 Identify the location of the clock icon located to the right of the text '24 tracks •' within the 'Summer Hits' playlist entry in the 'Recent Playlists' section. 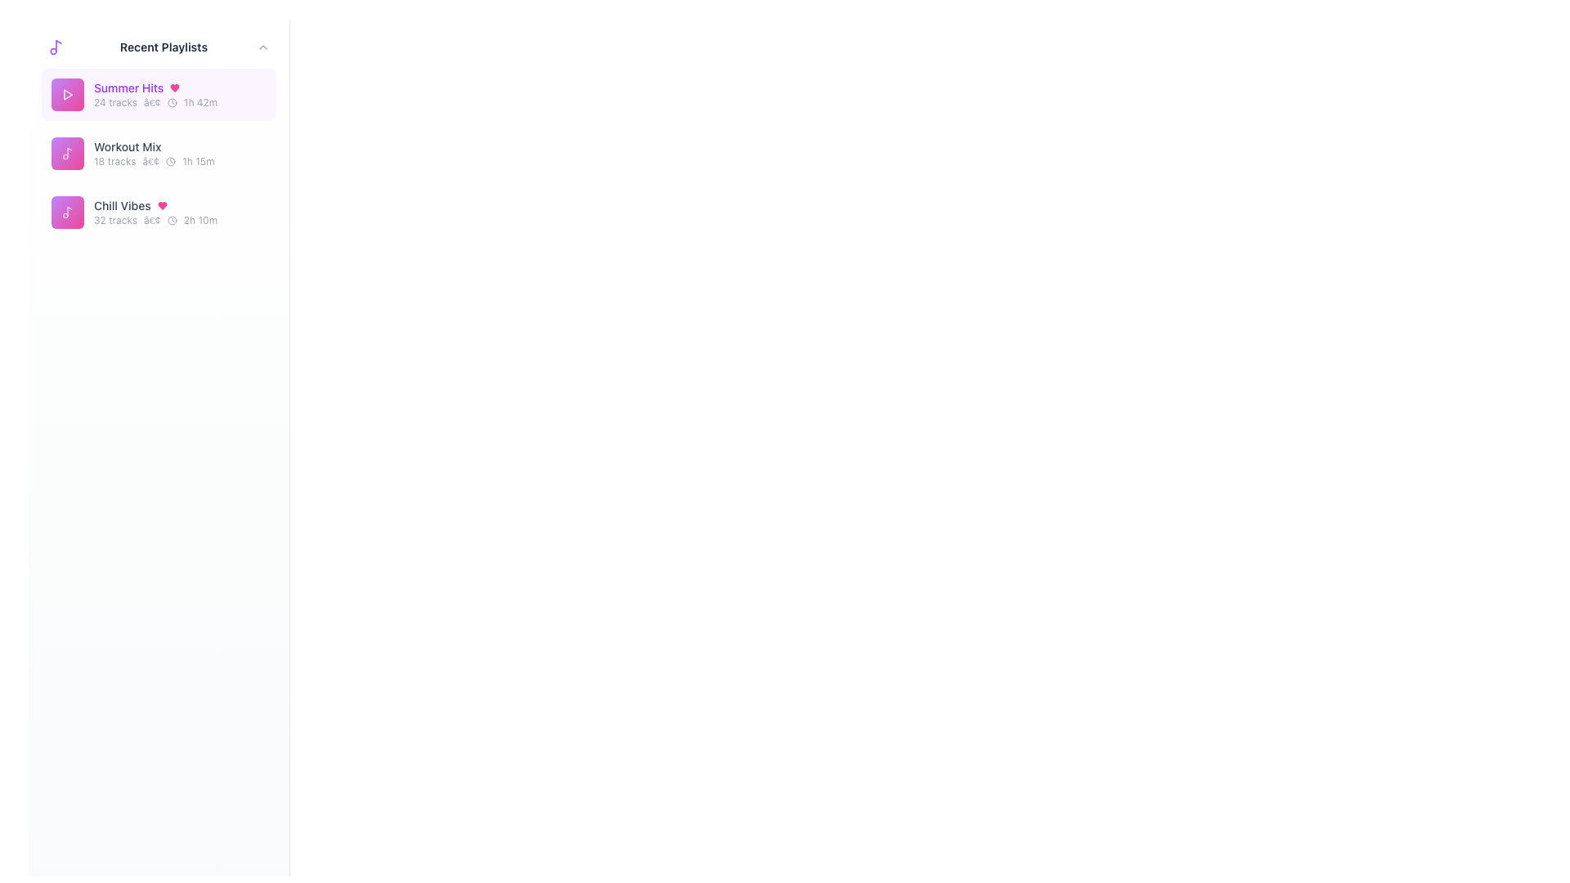
(172, 103).